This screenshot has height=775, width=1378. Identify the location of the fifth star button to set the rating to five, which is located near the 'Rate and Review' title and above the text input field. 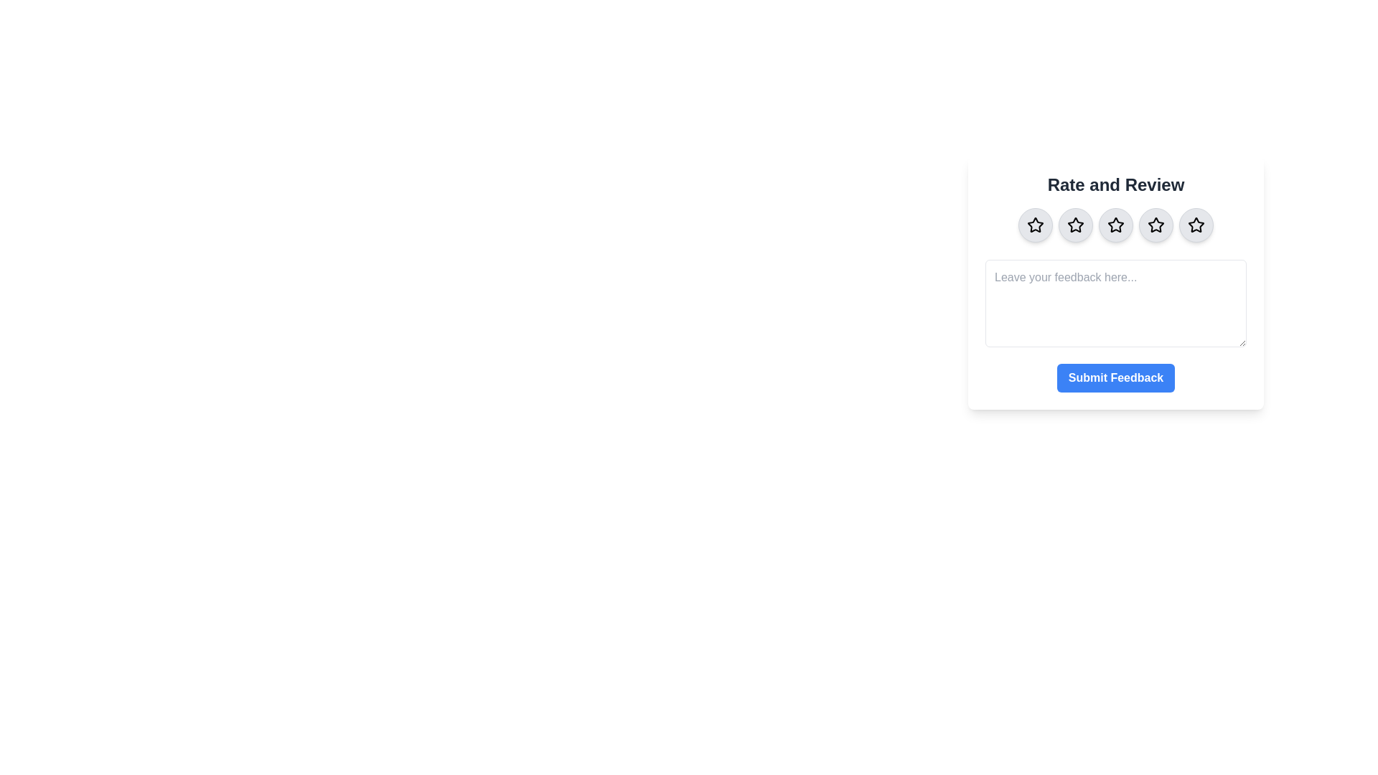
(1196, 225).